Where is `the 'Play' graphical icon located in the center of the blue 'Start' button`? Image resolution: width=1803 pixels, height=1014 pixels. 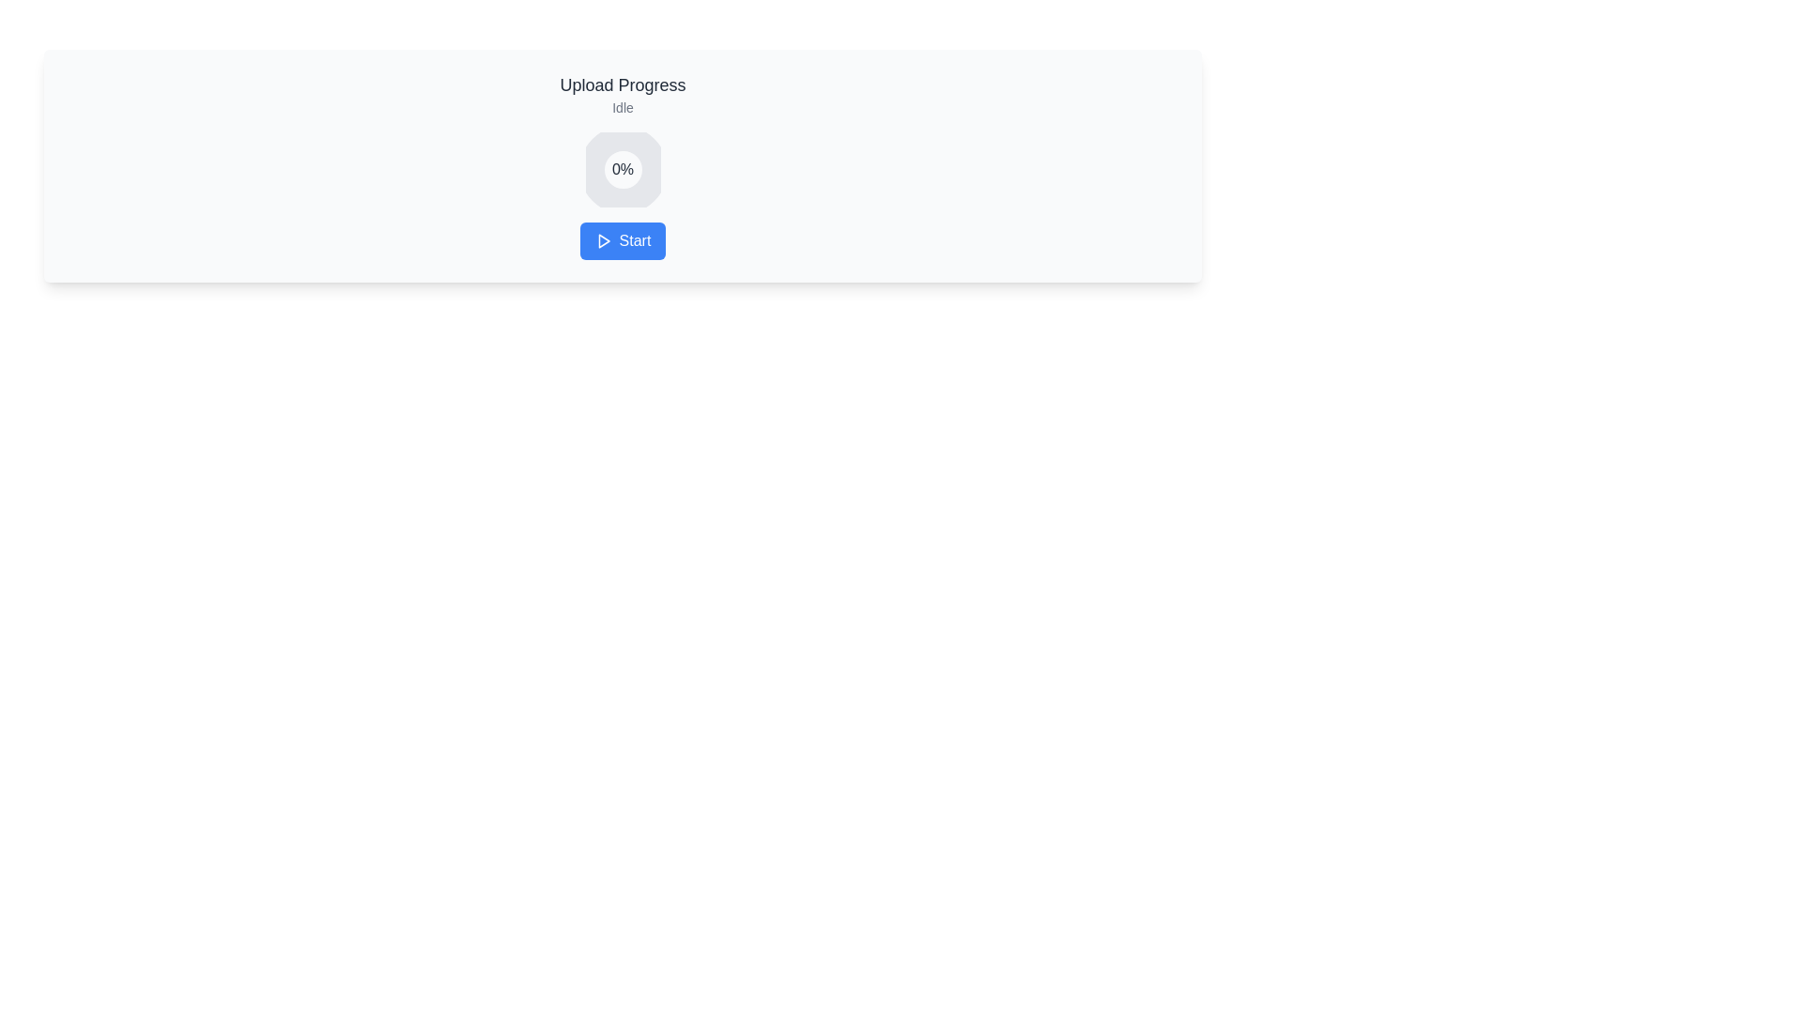 the 'Play' graphical icon located in the center of the blue 'Start' button is located at coordinates (604, 240).